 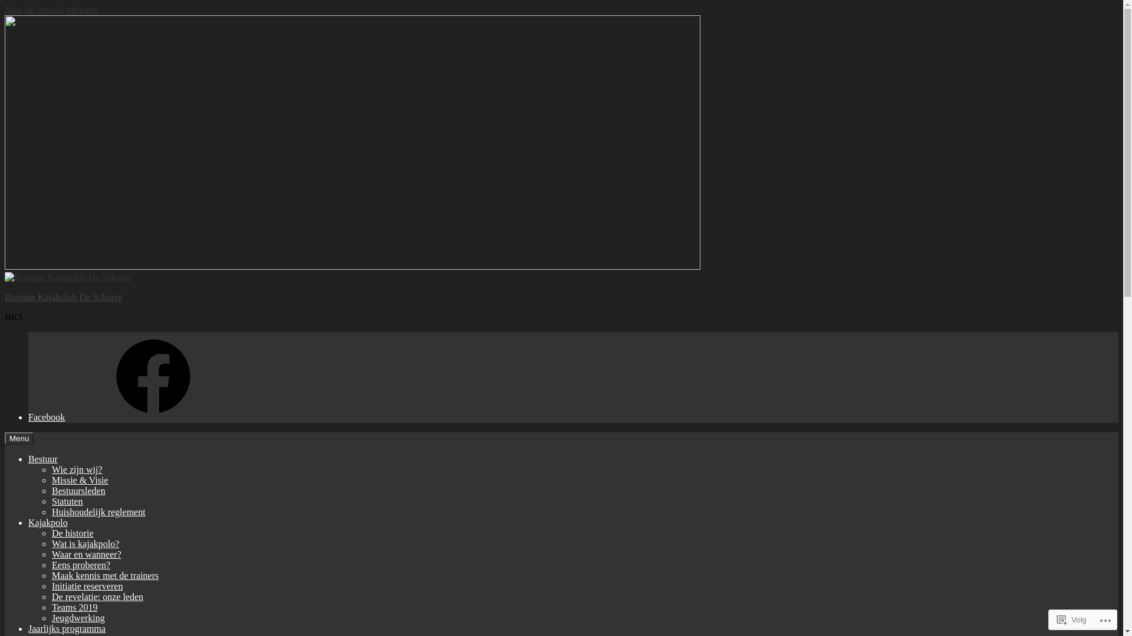 What do you see at coordinates (47, 522) in the screenshot?
I see `'Kajakpolo'` at bounding box center [47, 522].